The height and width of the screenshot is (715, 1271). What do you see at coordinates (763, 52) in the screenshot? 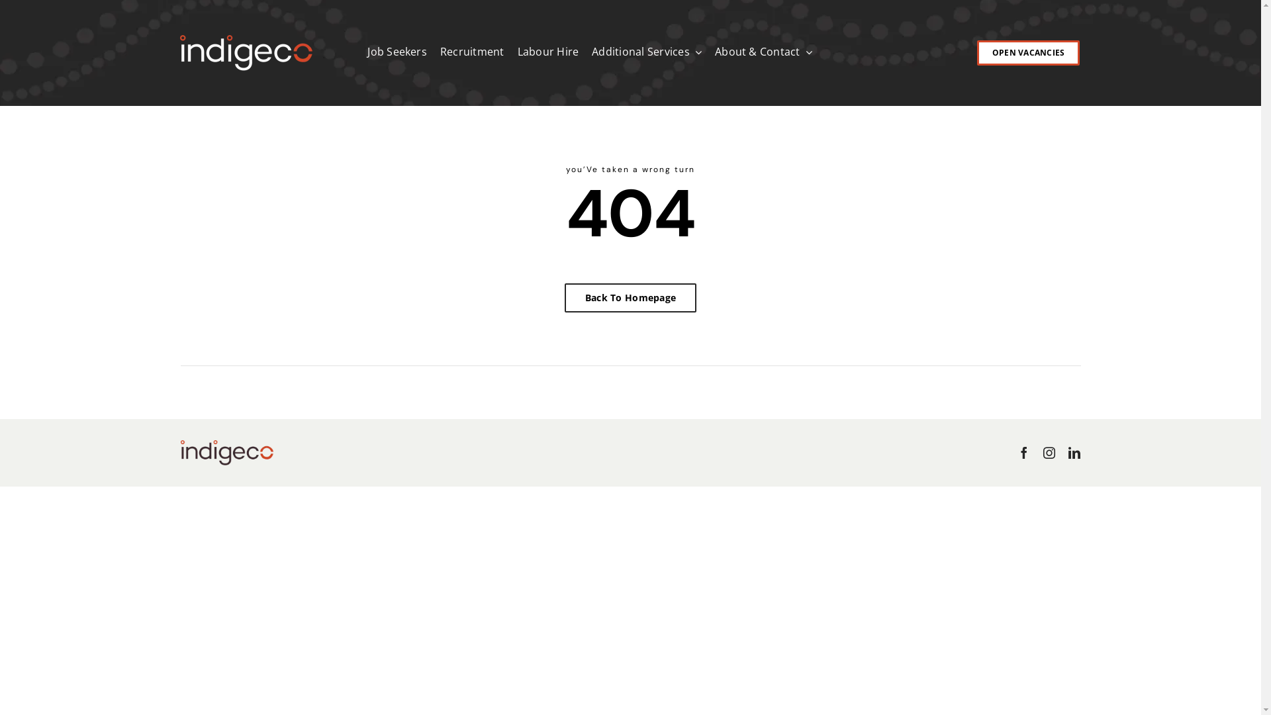
I see `'About & Contact'` at bounding box center [763, 52].